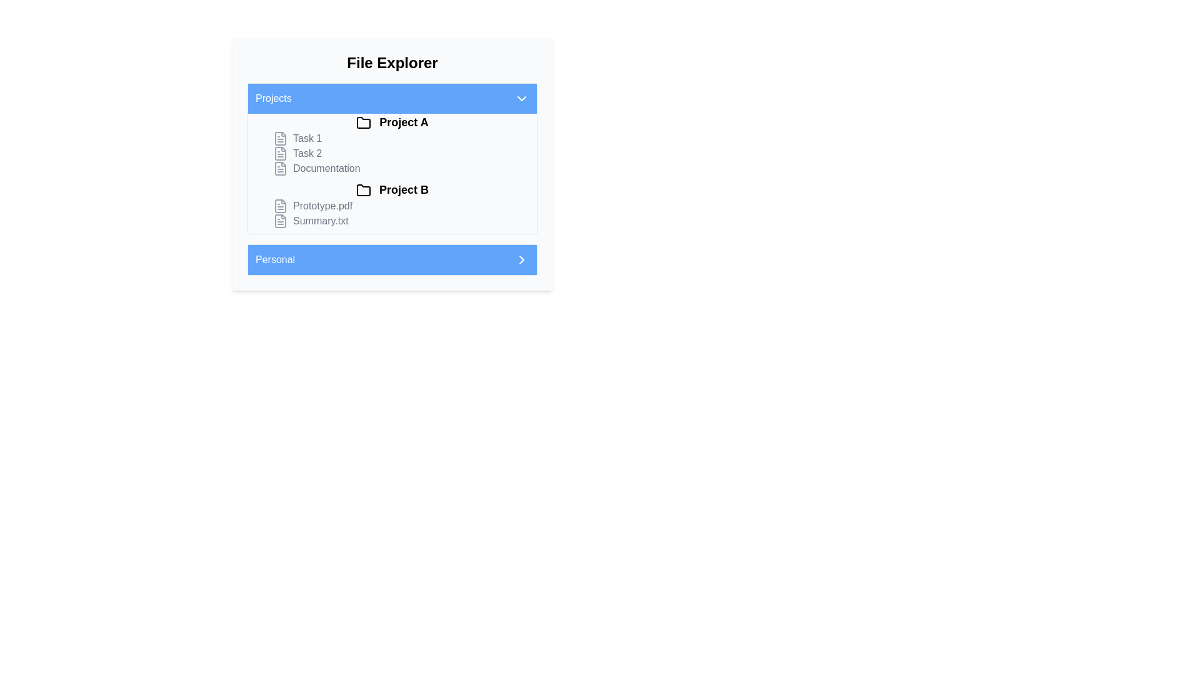  What do you see at coordinates (399, 213) in the screenshot?
I see `the second document listed under the 'Project B' folder in the 'File Explorer' section of the application` at bounding box center [399, 213].